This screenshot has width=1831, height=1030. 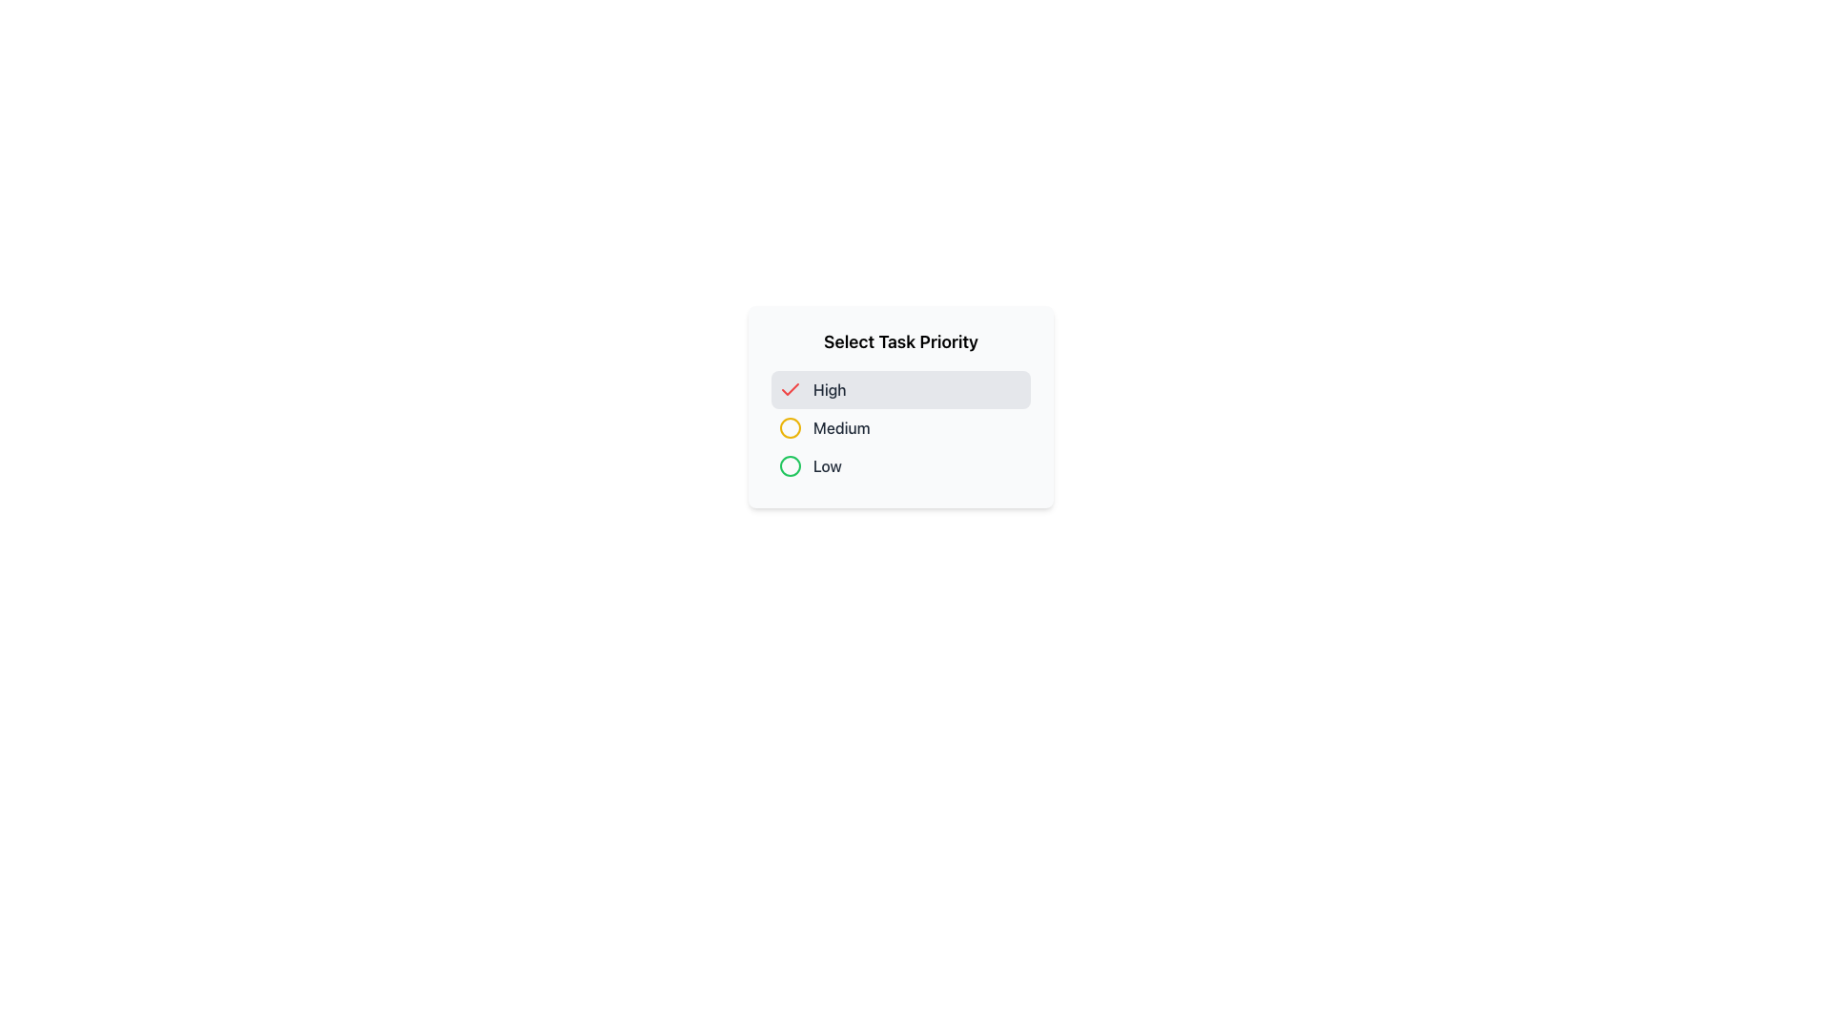 I want to click on the 'Medium' task priority selector option located between 'High' and 'Low' in the task priority selector, so click(x=900, y=426).